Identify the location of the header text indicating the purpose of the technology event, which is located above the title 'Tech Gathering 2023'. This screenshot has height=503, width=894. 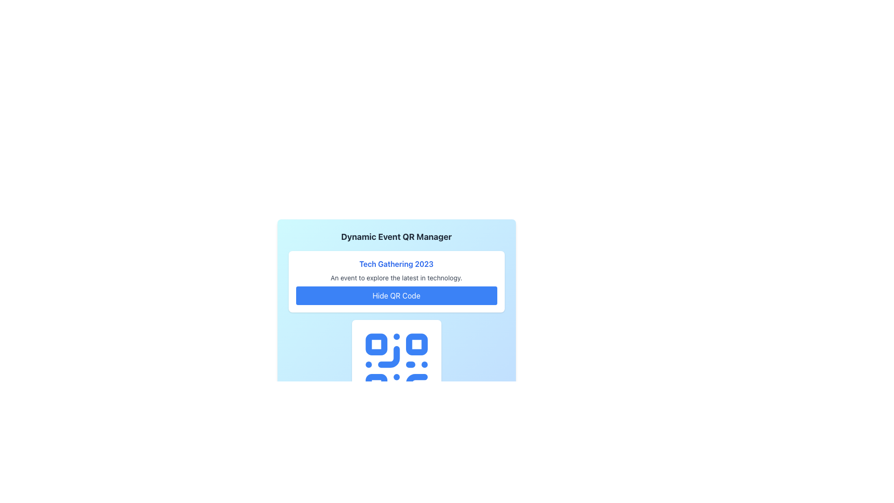
(396, 237).